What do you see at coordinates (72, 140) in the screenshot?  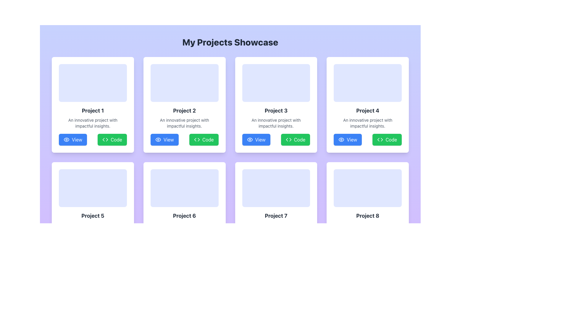 I see `the 'View' button with a blue background and an eye icon located in the lower left corner of the 'Project 1' card` at bounding box center [72, 140].